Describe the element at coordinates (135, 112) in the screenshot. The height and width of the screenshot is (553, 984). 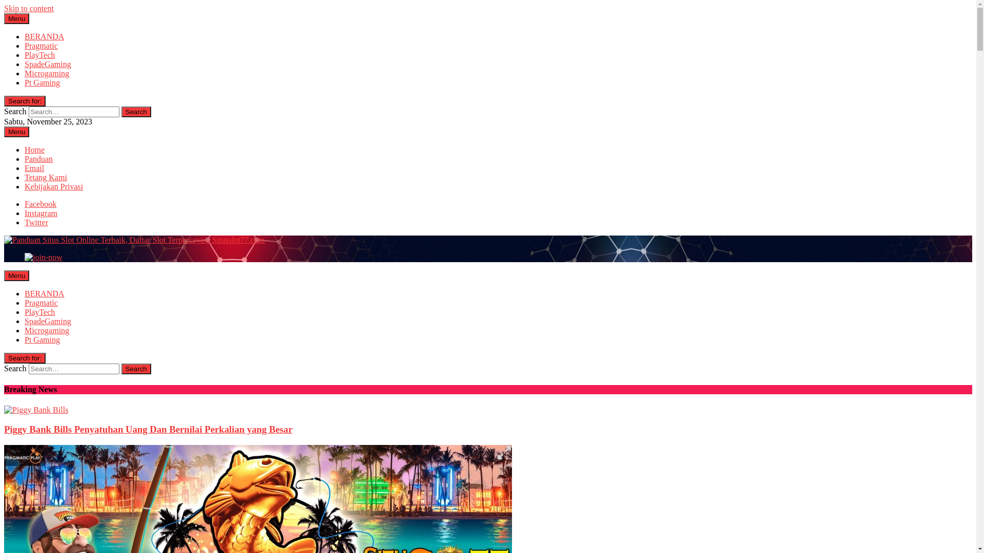
I see `'Search'` at that location.